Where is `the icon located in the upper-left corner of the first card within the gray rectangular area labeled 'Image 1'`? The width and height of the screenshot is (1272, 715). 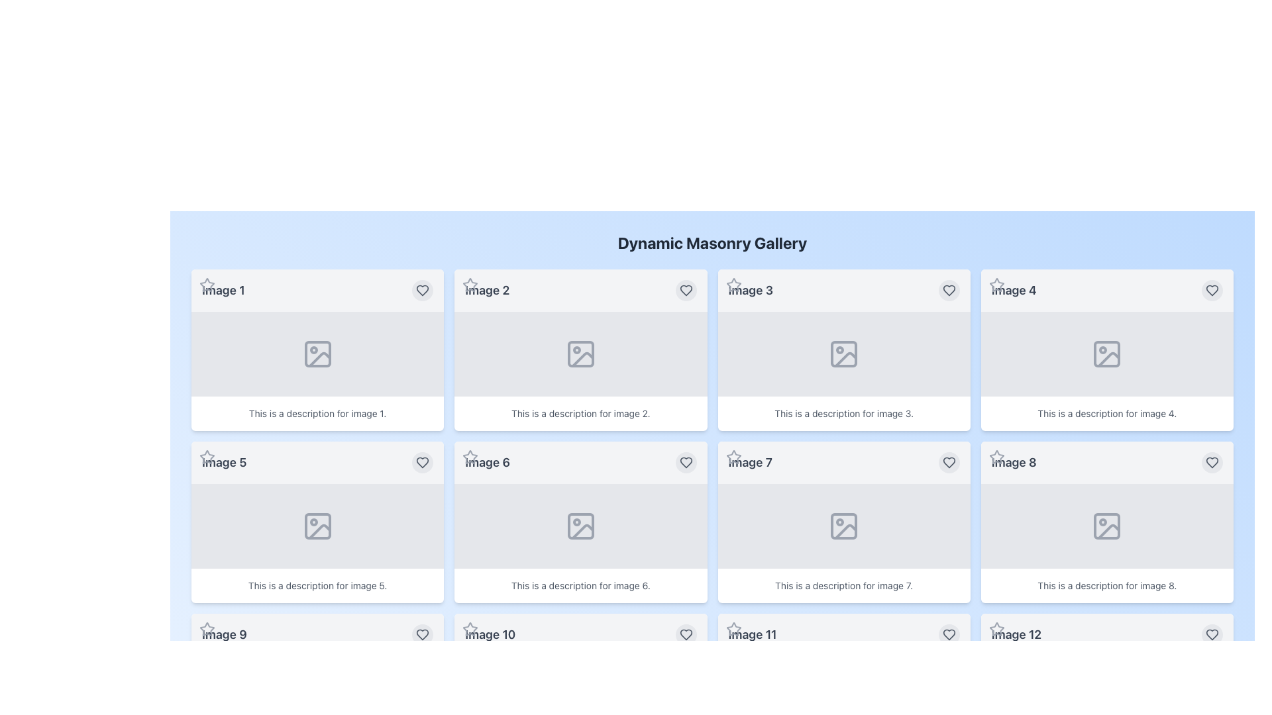
the icon located in the upper-left corner of the first card within the gray rectangular area labeled 'Image 1' is located at coordinates (317, 354).